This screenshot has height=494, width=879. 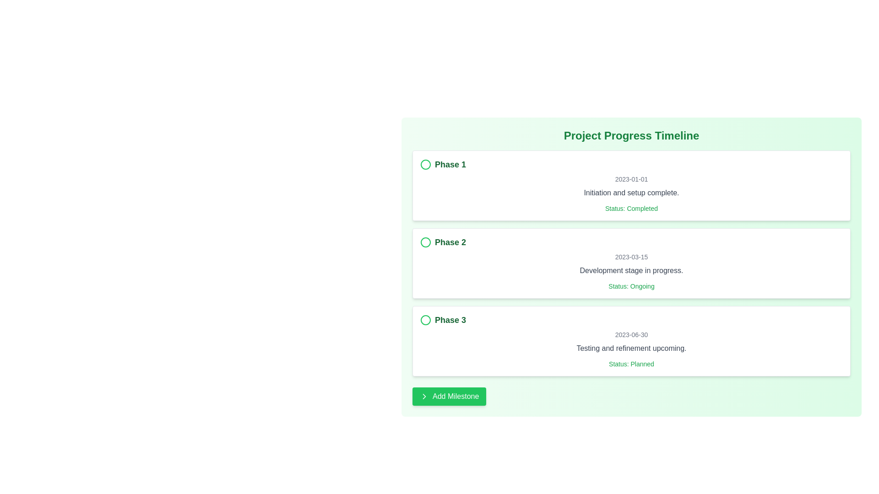 I want to click on the green stroked circle with a white fill located in the third phase of the vertical project progress timeline, centered over the phase title, so click(x=425, y=319).